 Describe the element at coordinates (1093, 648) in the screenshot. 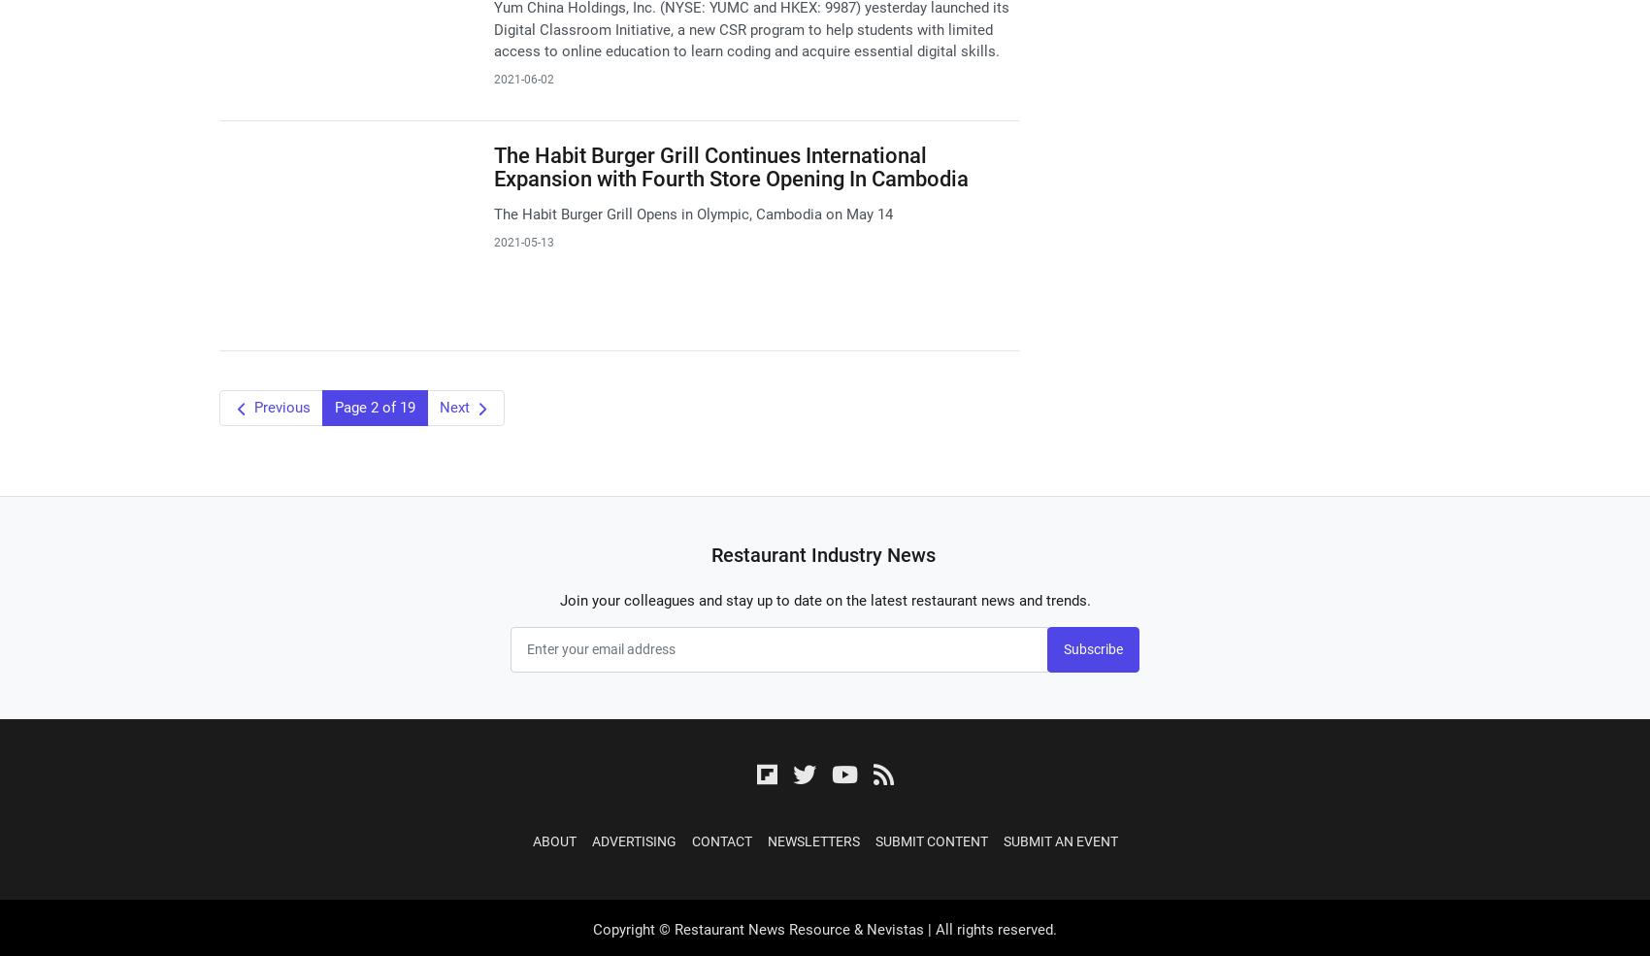

I see `'Subscribe'` at that location.